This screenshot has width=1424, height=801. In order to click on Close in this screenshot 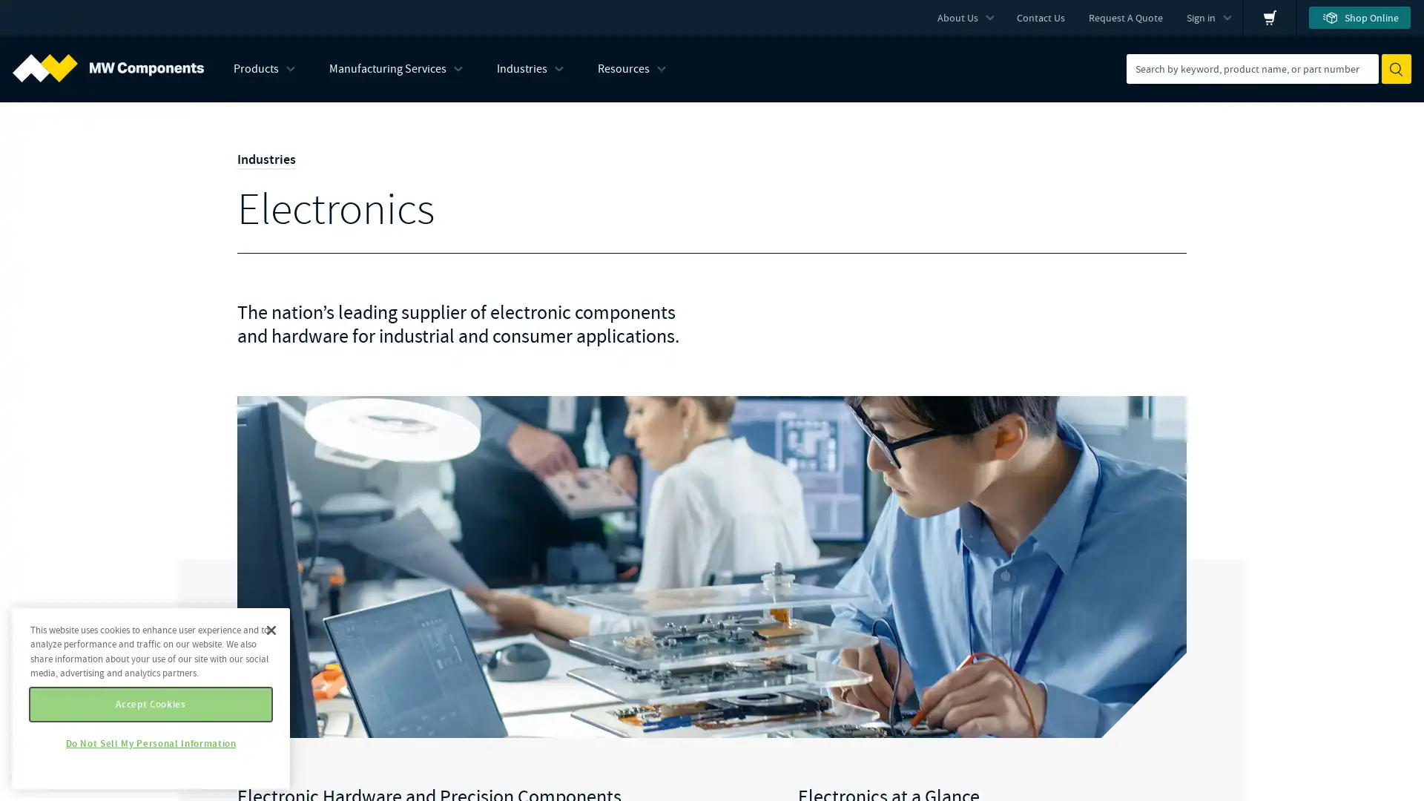, I will do `click(271, 629)`.